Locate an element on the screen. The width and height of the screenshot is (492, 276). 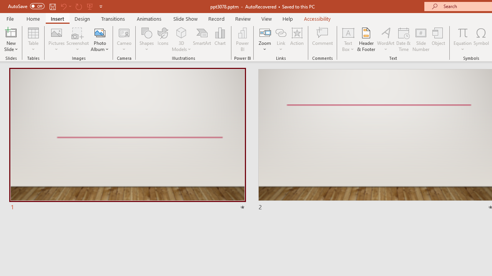
'Link' is located at coordinates (281, 32).